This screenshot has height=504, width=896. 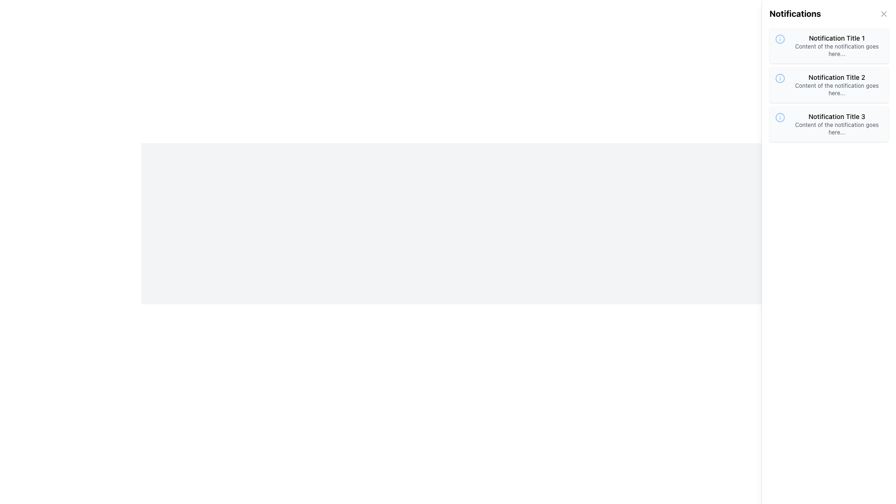 What do you see at coordinates (837, 84) in the screenshot?
I see `the notification text block that contains a title and subtitle, located in the second position of a vertical list of notifications, situated between 'Notification Title 1' and 'Notification Title 3'` at bounding box center [837, 84].